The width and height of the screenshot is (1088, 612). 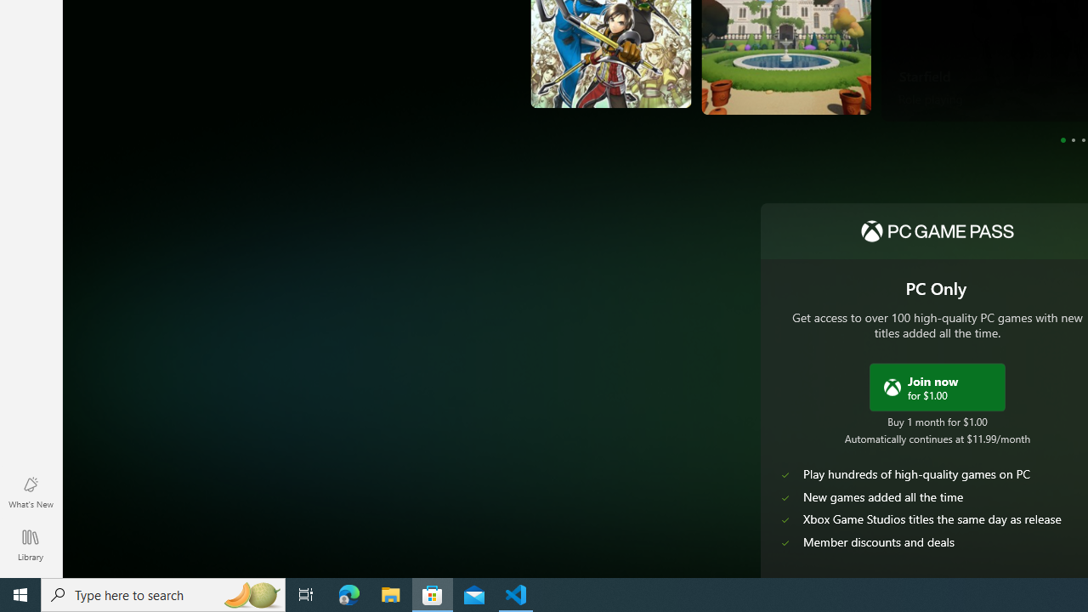 I want to click on 'Library', so click(x=30, y=544).